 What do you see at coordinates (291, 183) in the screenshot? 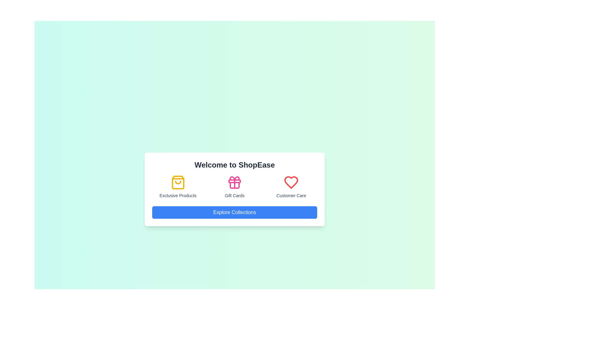
I see `the red heart icon located above the 'Customer Care' text, which is the third icon in a group of three icons below the 'Welcome to ShopEase' title` at bounding box center [291, 183].